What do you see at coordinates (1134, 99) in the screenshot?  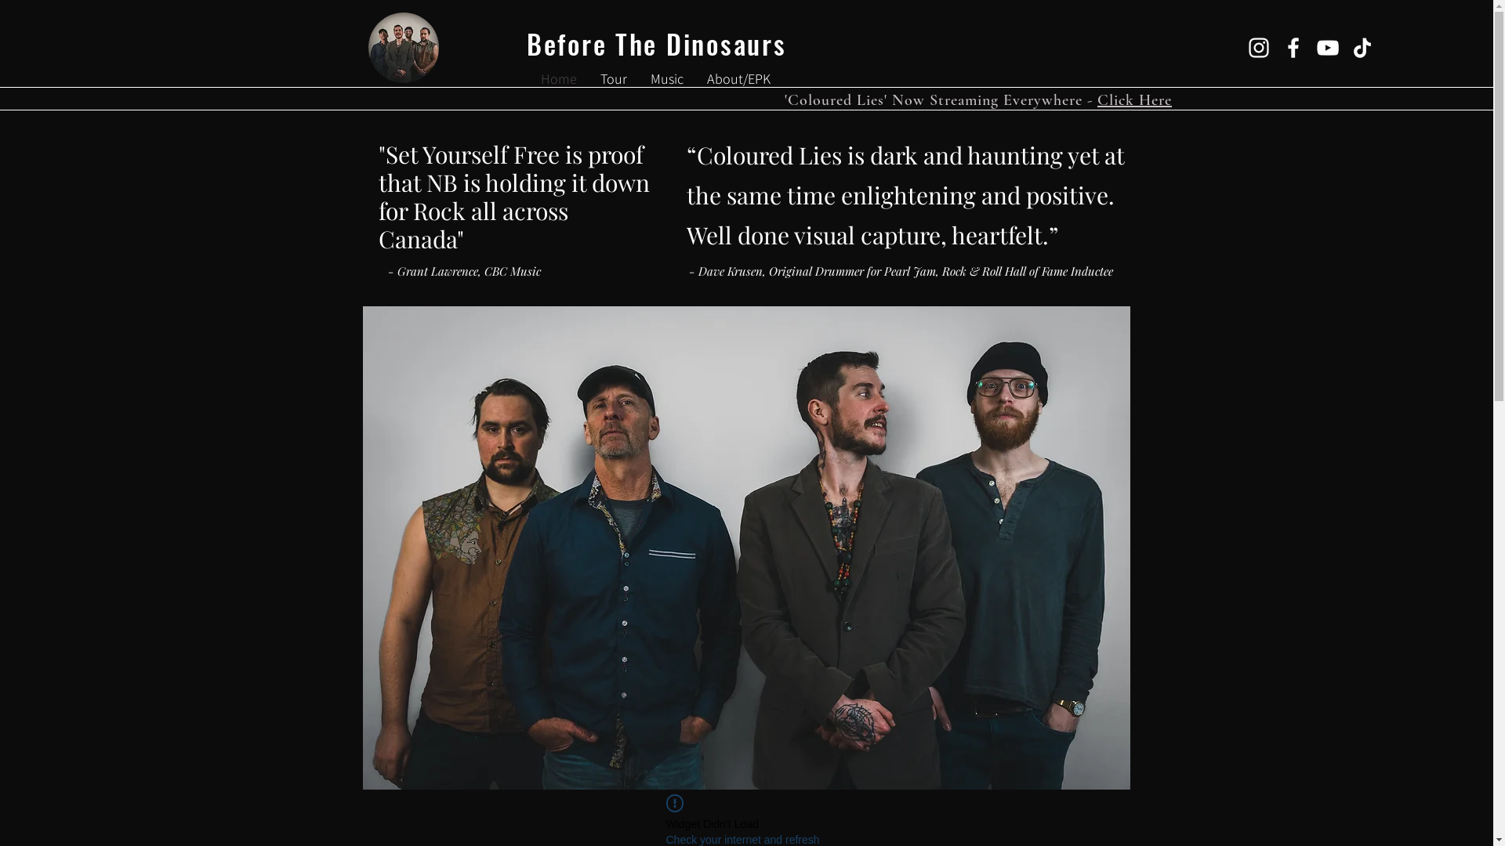 I see `'Click Here'` at bounding box center [1134, 99].